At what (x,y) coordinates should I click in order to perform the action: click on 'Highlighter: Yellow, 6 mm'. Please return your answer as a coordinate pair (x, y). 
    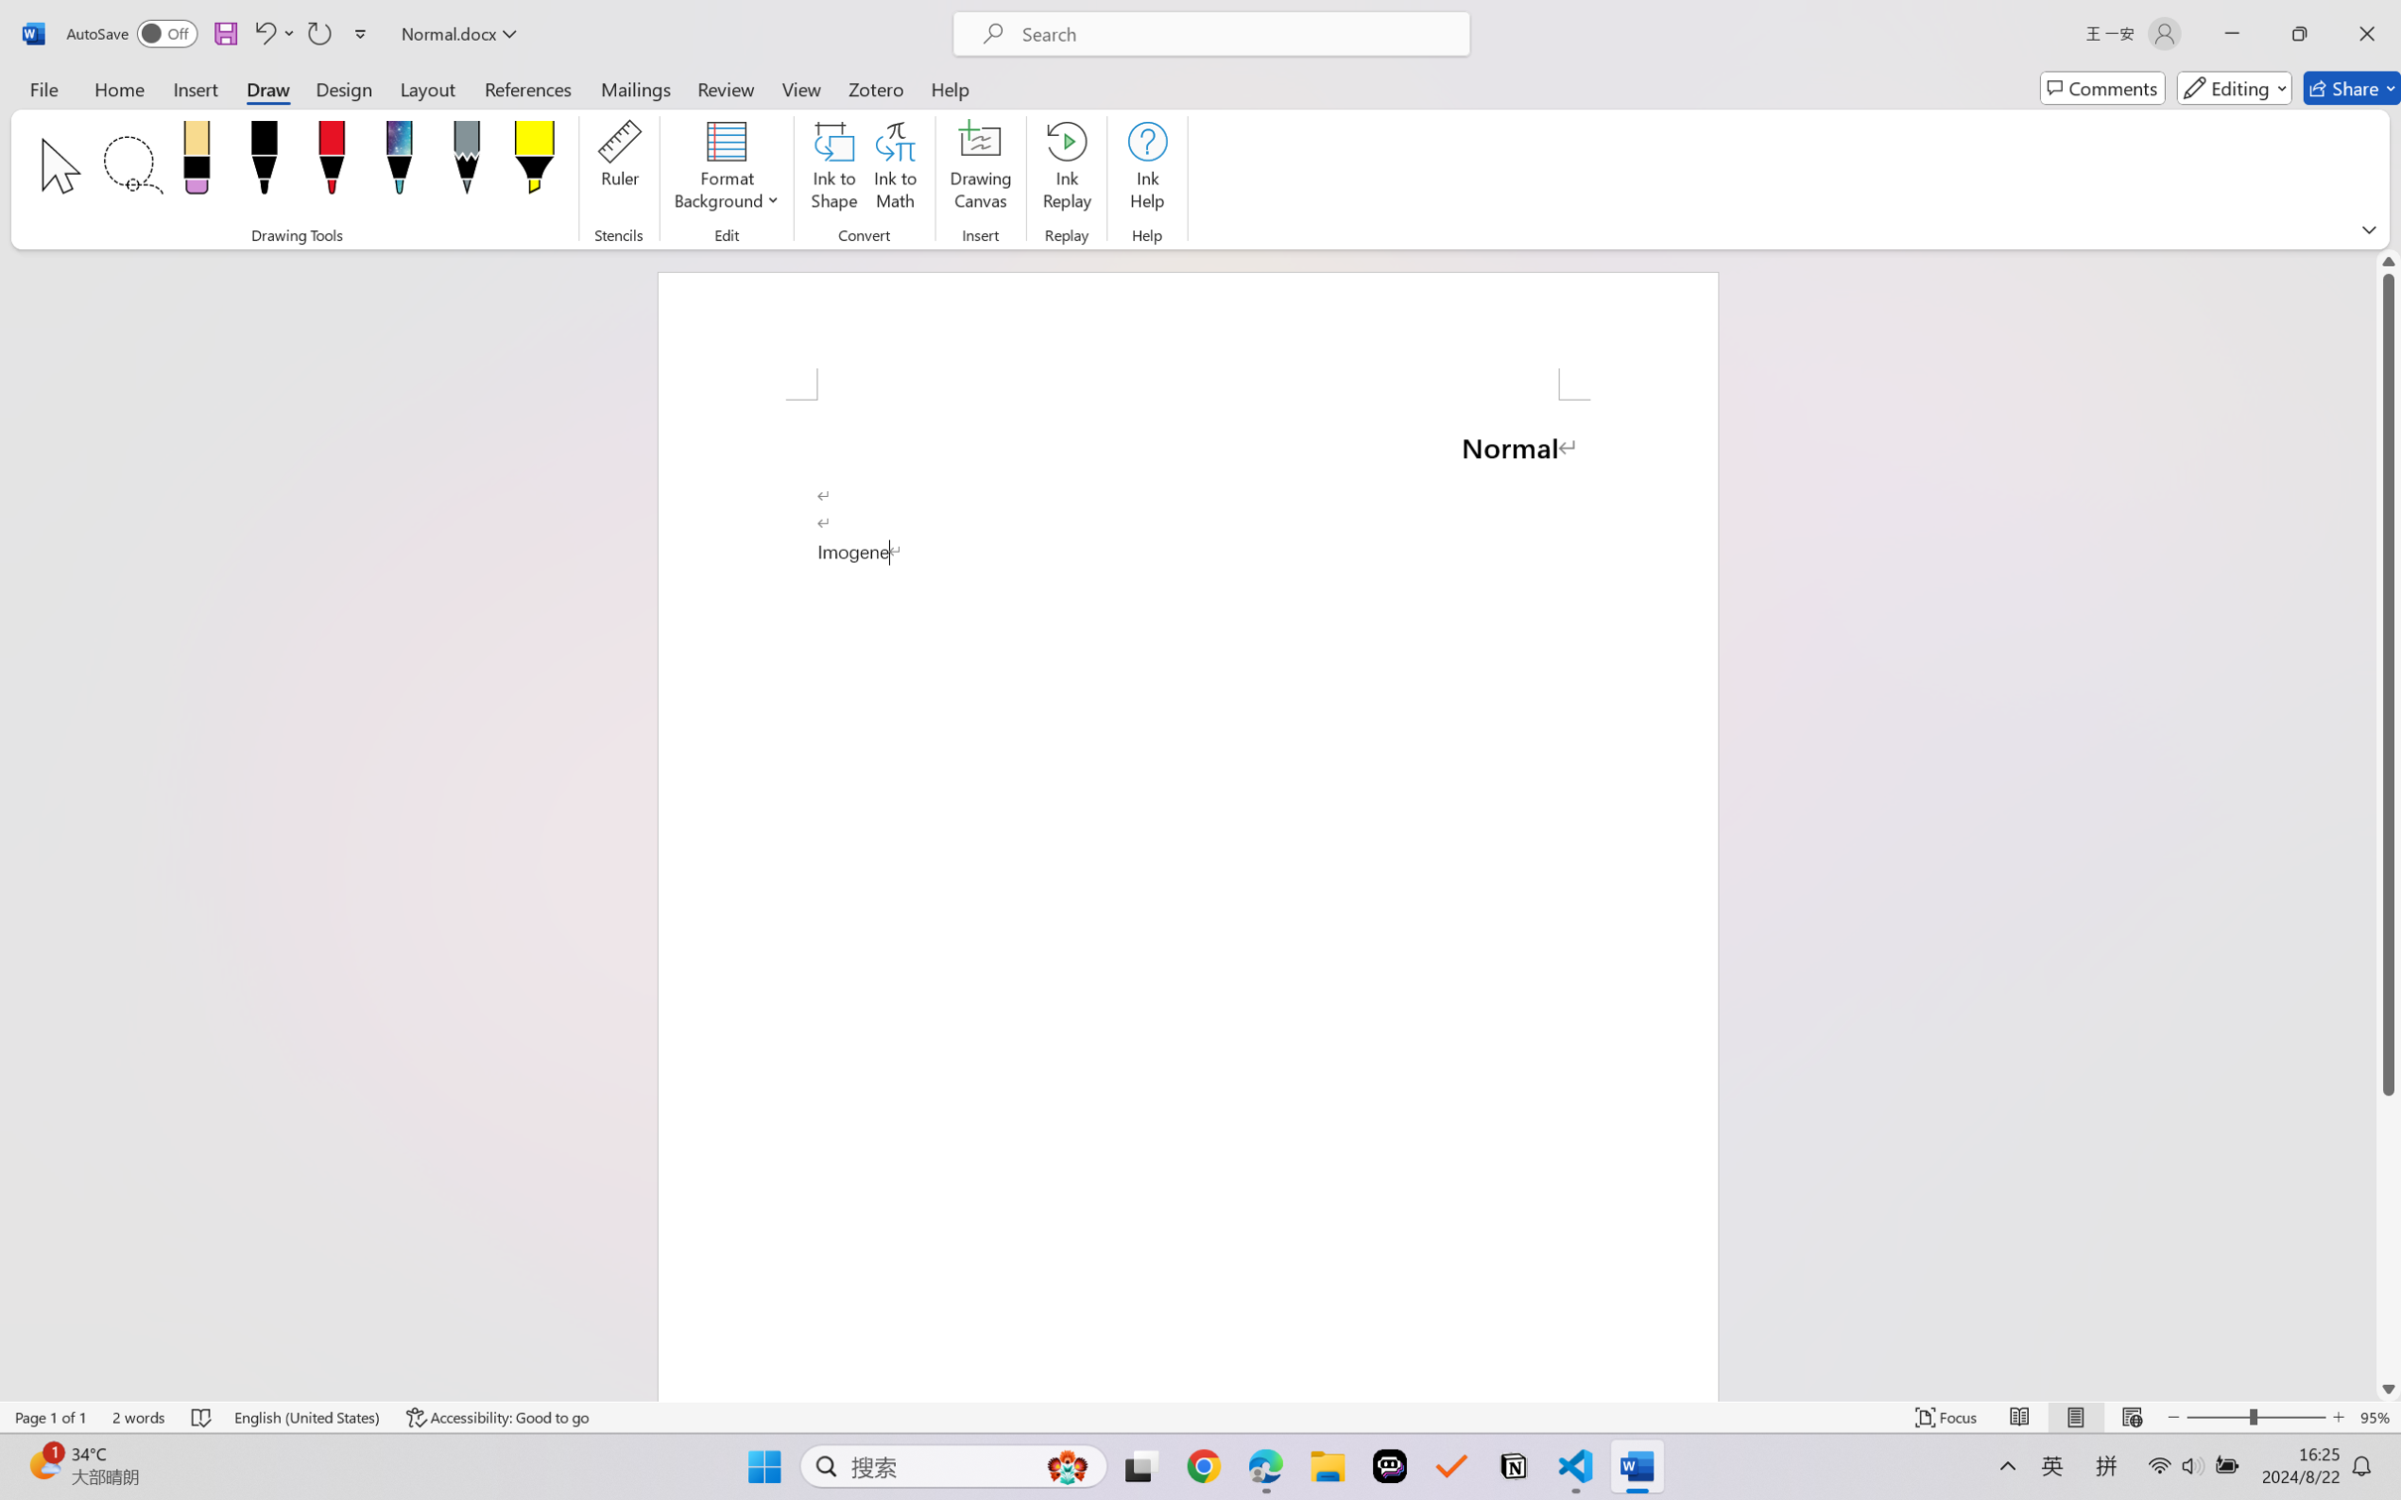
    Looking at the image, I should click on (535, 162).